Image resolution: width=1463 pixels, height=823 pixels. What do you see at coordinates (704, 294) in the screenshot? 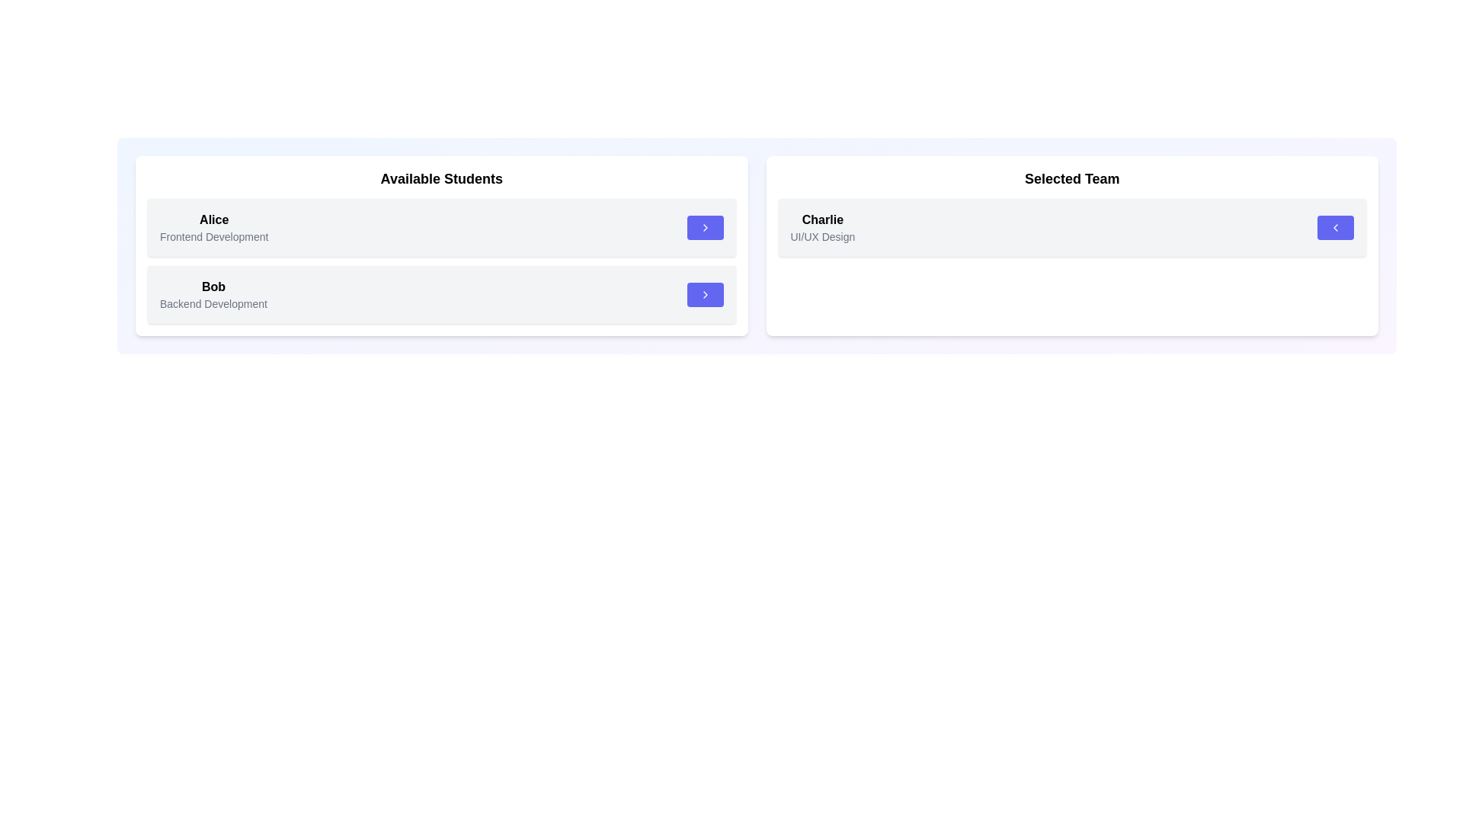
I see `arrow button next to the student Bob in the 'Available Students' list to transfer them to the 'Selected Team'` at bounding box center [704, 294].